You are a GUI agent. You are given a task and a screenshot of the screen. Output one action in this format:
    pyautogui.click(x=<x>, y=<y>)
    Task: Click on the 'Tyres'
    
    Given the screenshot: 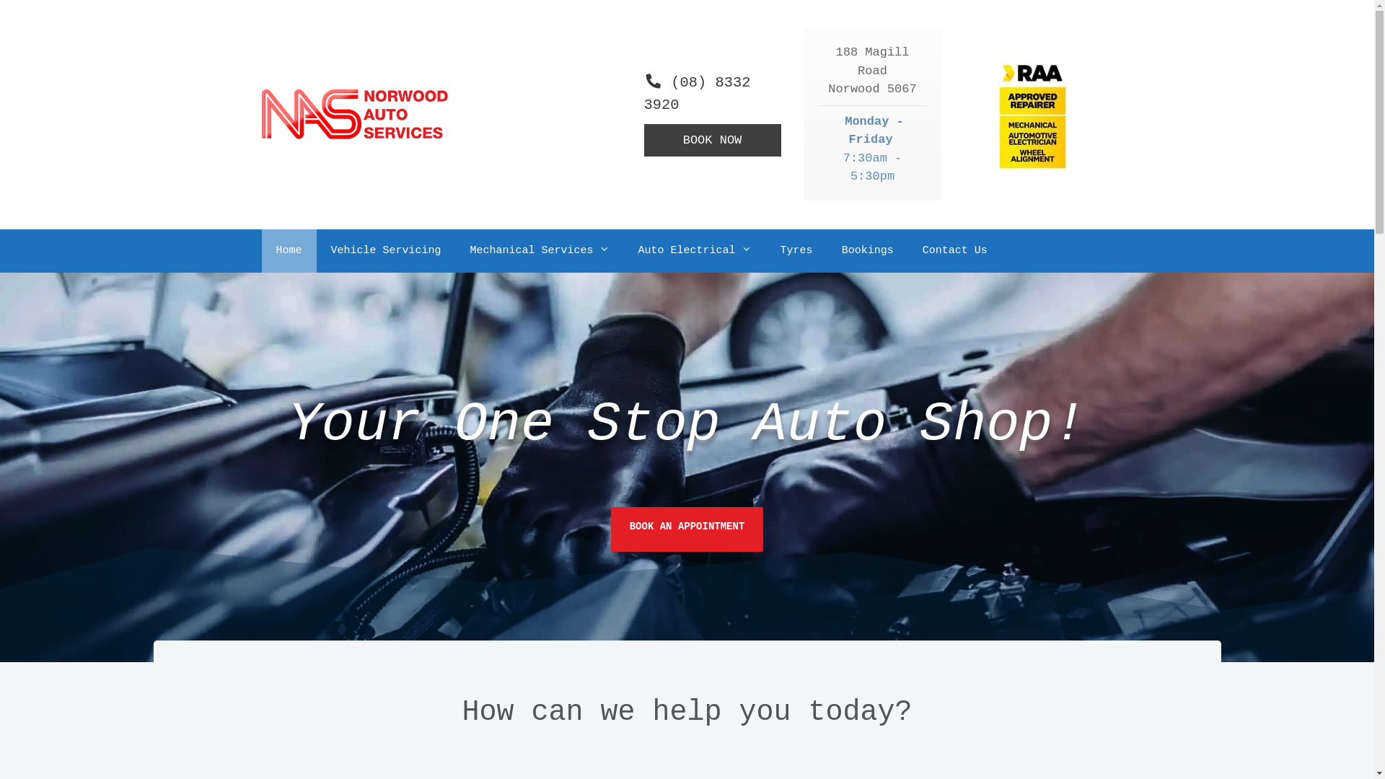 What is the action you would take?
    pyautogui.click(x=796, y=250)
    